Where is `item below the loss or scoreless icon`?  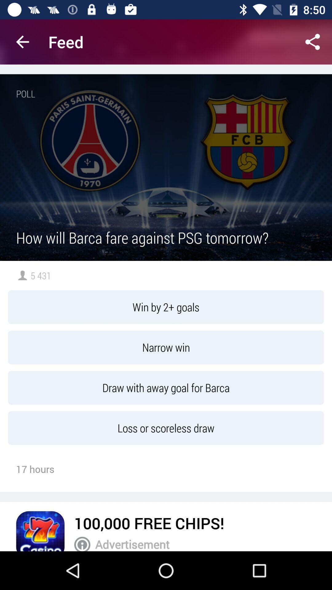
item below the loss or scoreless icon is located at coordinates (149, 523).